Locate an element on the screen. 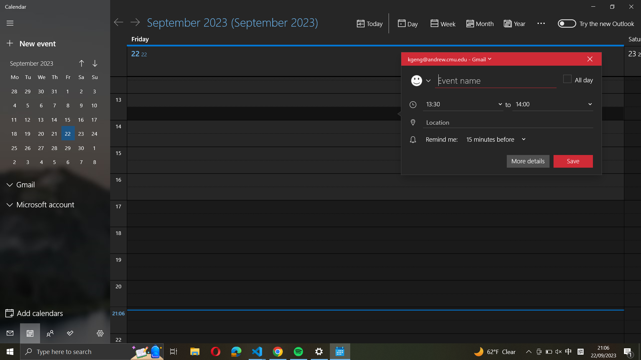 The height and width of the screenshot is (360, 641). Go to today"s date on the calendar is located at coordinates (369, 24).